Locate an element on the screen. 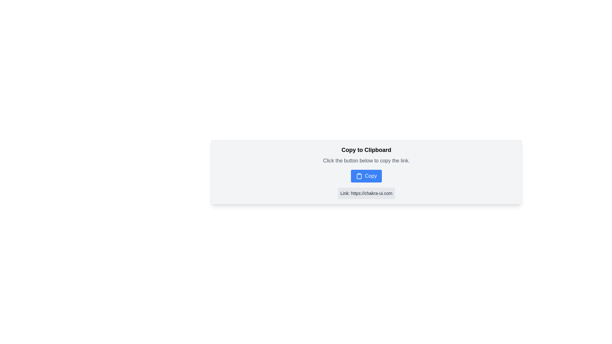  the instruction label located below the 'Copy to Clipboard' header and above the 'Copy' button is located at coordinates (366, 161).